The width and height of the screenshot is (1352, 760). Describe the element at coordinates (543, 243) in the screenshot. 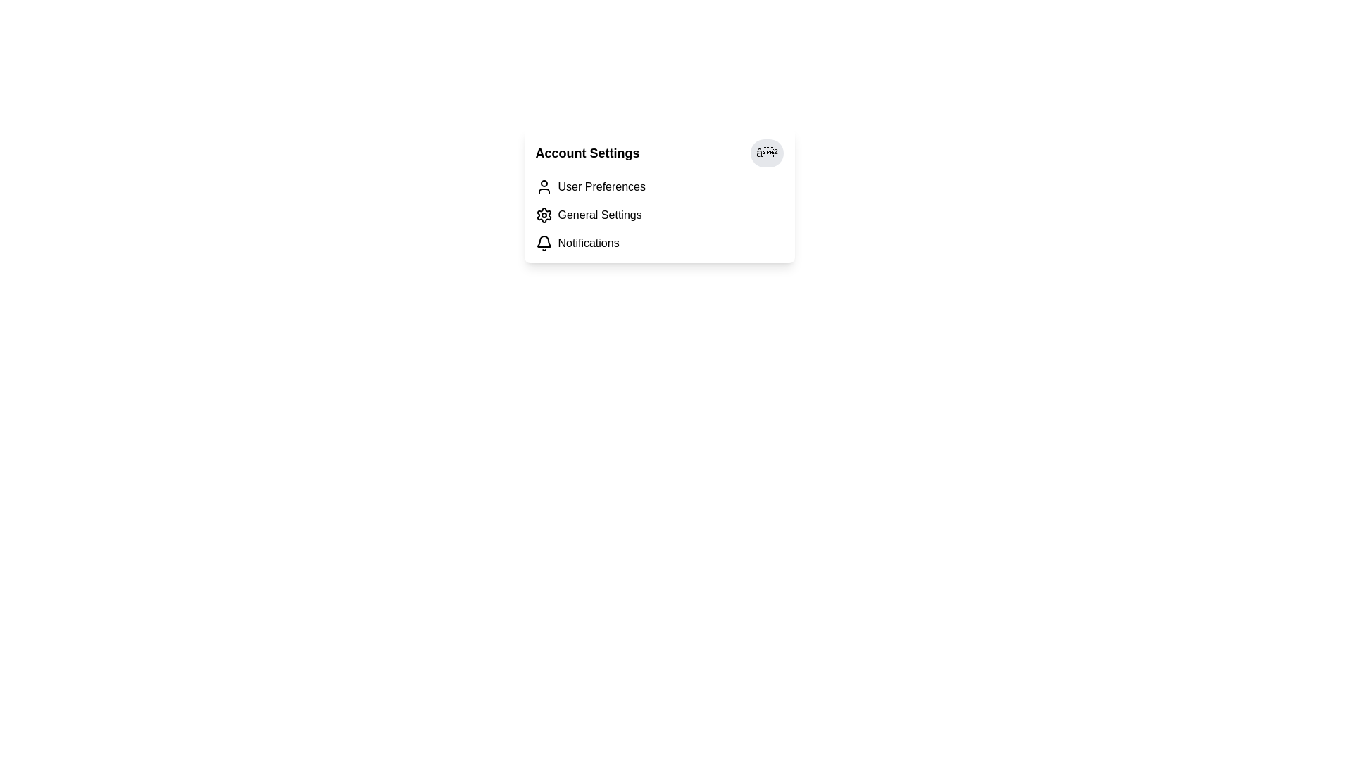

I see `the outlined bell-shaped icon representing notifications located to the left of the 'Notifications' text in the 'Account Settings' menu` at that location.